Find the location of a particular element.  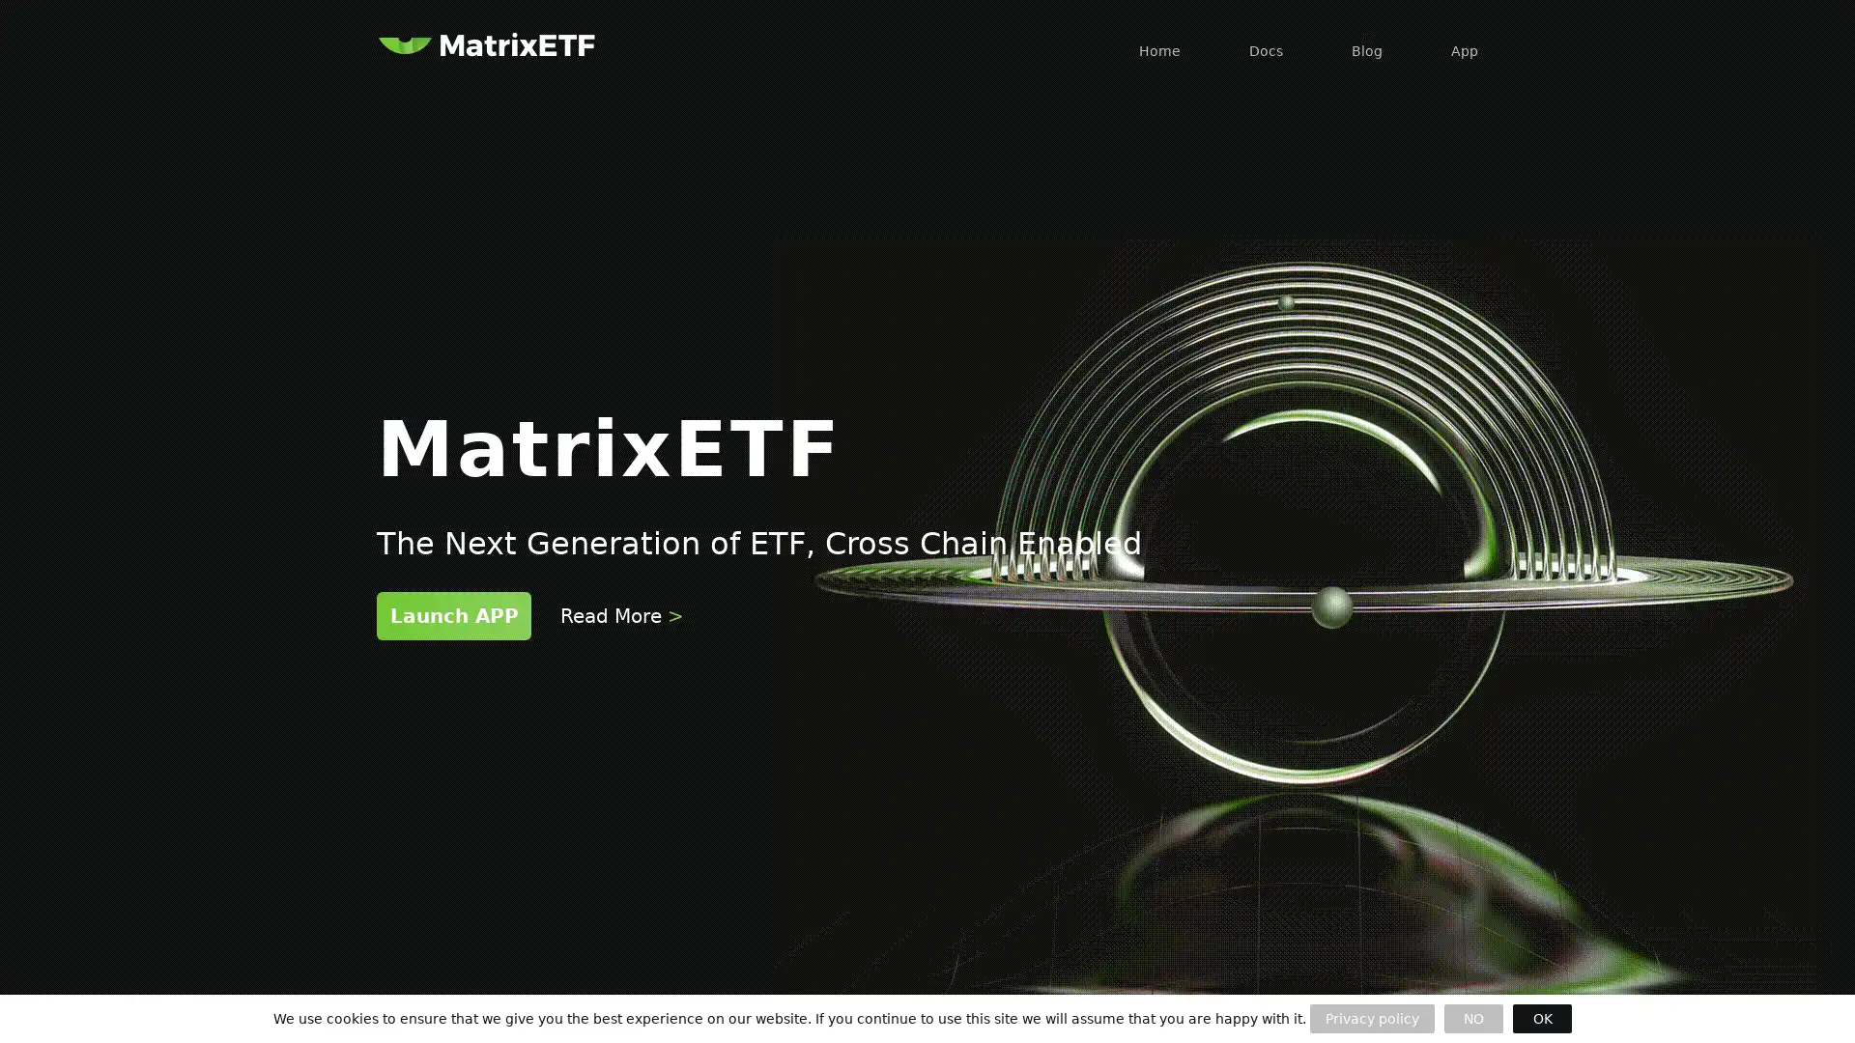

OK is located at coordinates (1541, 1018).